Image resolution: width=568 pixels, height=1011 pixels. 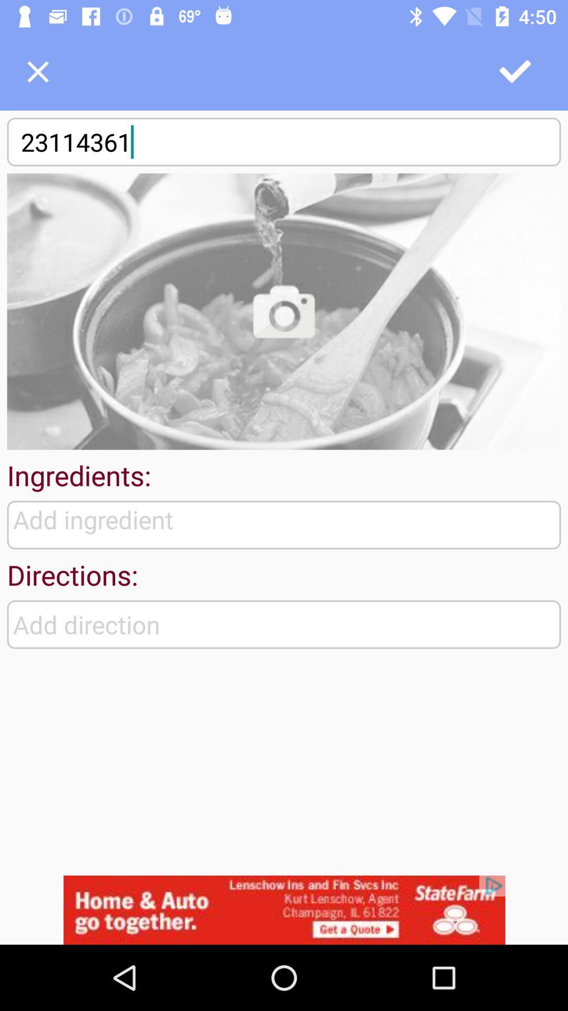 What do you see at coordinates (284, 311) in the screenshot?
I see `inform me` at bounding box center [284, 311].